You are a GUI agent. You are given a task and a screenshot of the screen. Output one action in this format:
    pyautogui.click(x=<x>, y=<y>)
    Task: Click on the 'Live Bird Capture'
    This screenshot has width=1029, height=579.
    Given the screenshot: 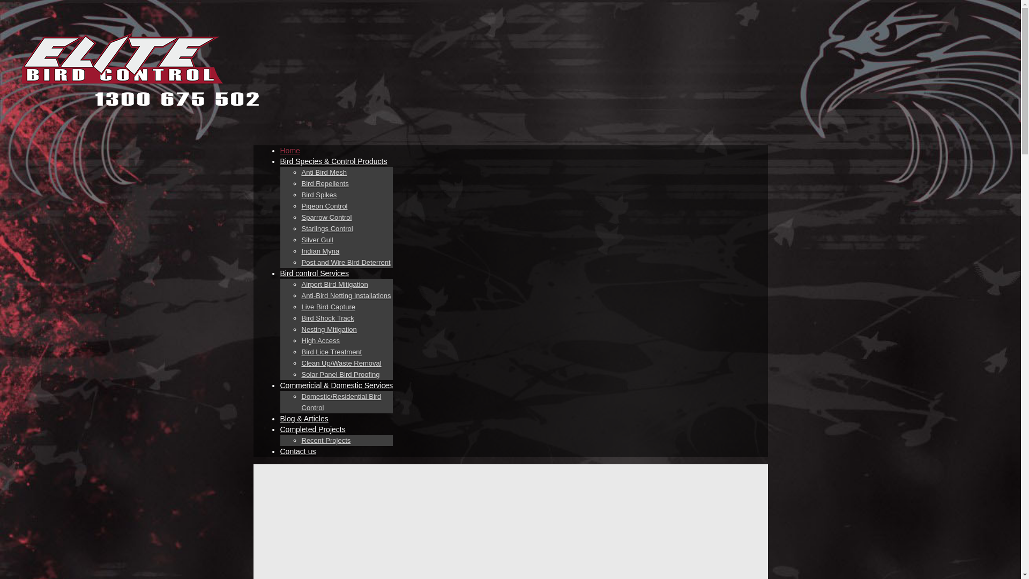 What is the action you would take?
    pyautogui.click(x=327, y=307)
    